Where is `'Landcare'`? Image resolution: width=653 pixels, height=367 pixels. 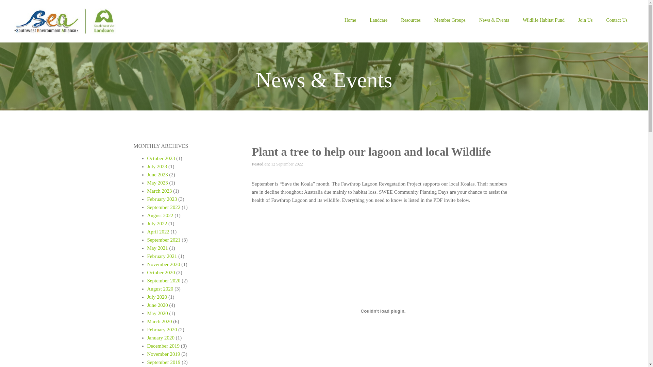 'Landcare' is located at coordinates (362, 21).